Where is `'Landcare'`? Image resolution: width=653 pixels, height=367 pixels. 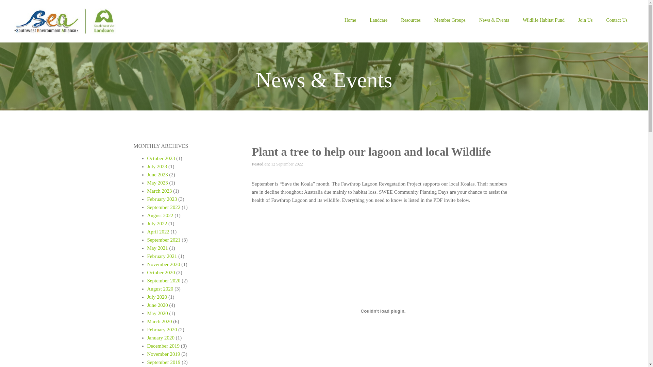 'Landcare' is located at coordinates (362, 21).